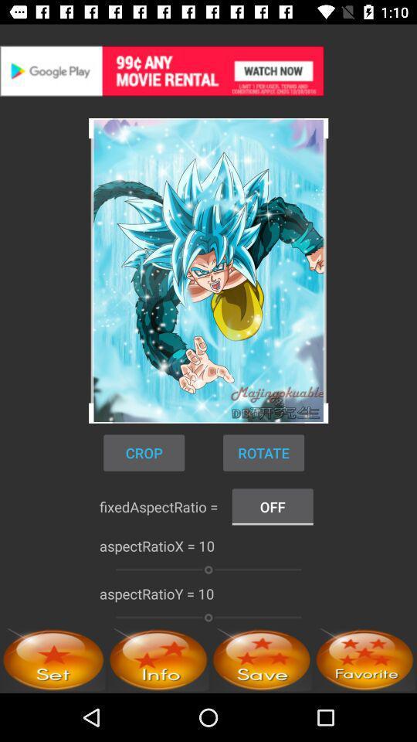  Describe the element at coordinates (261, 659) in the screenshot. I see `rating` at that location.